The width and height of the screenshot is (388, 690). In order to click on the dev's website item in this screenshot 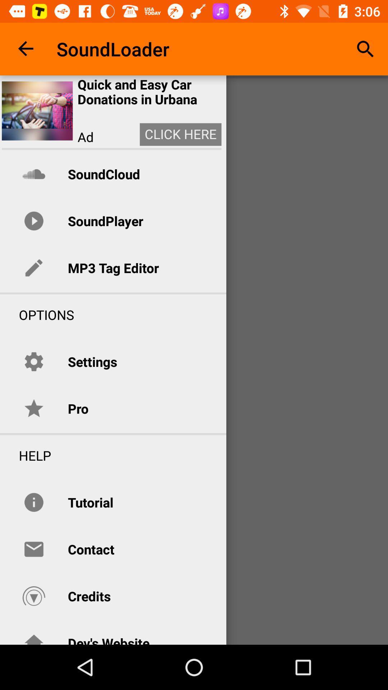, I will do `click(108, 639)`.